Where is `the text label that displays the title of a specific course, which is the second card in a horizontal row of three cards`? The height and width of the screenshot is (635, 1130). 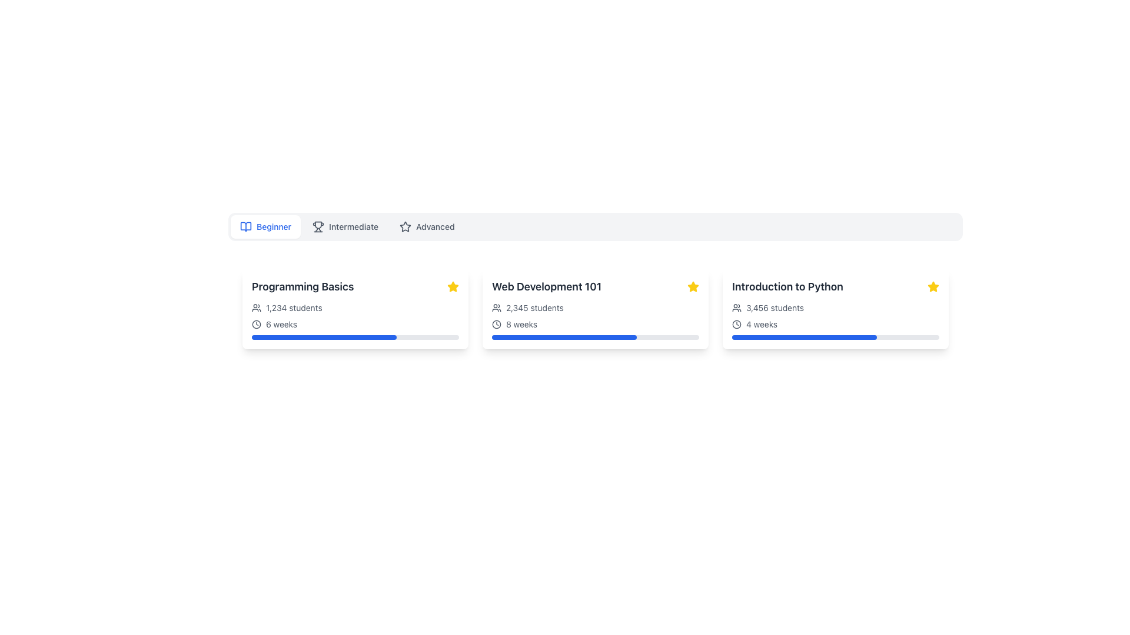 the text label that displays the title of a specific course, which is the second card in a horizontal row of three cards is located at coordinates (596, 287).